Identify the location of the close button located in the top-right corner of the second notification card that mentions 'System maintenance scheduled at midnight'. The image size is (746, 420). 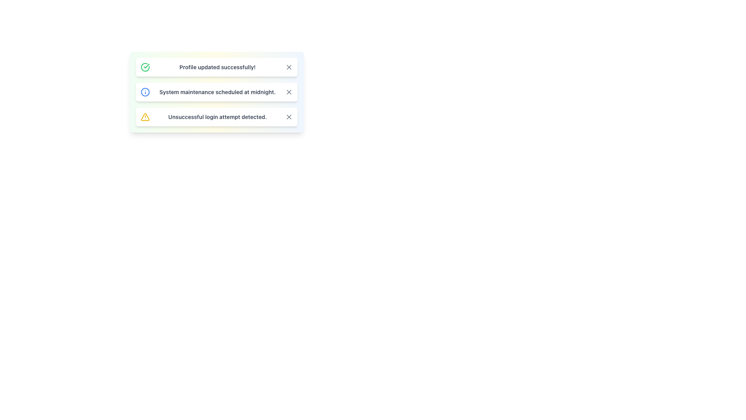
(289, 91).